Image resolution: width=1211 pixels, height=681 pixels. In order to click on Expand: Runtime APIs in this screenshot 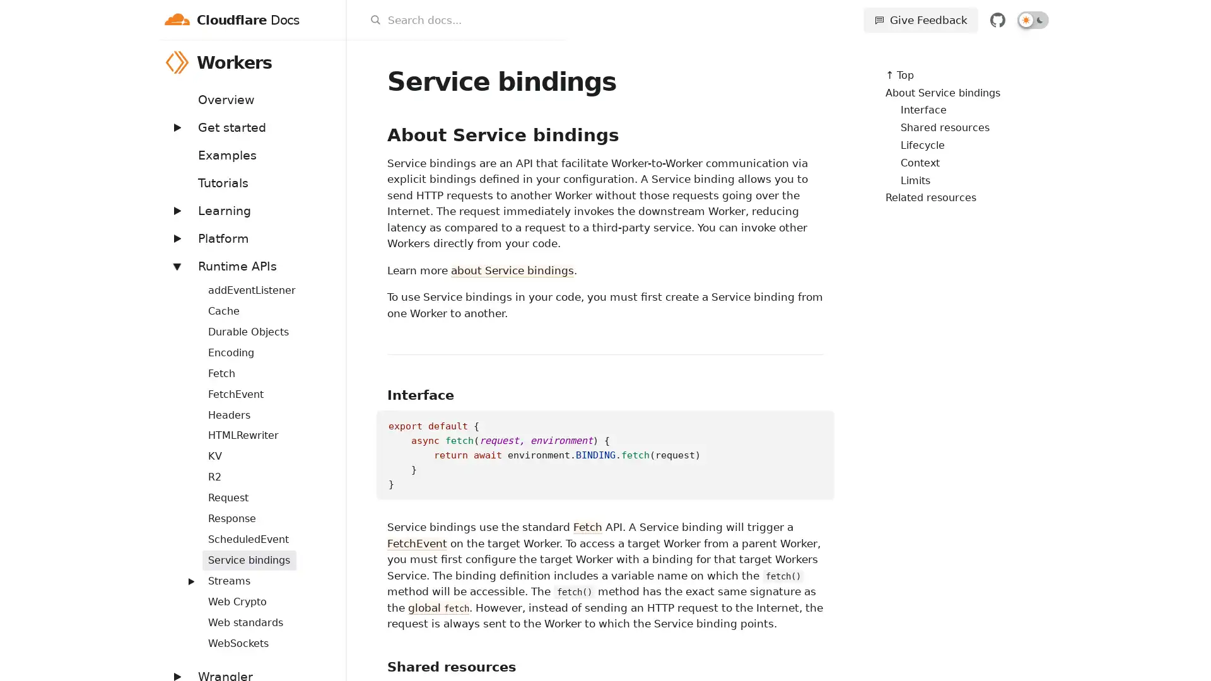, I will do `click(175, 265)`.